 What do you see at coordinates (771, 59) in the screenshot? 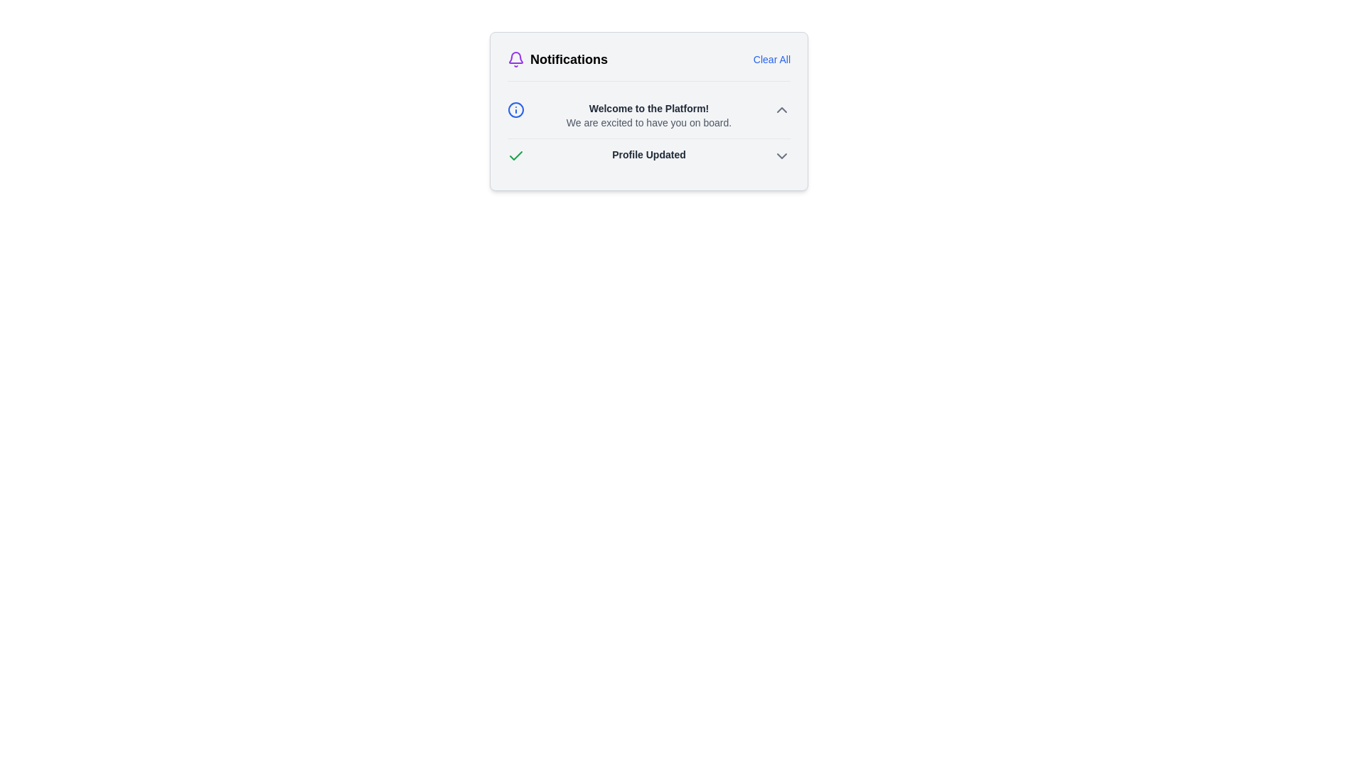
I see `the hyperlink in the header bar of the 'Notifications' section to clear all notifications` at bounding box center [771, 59].